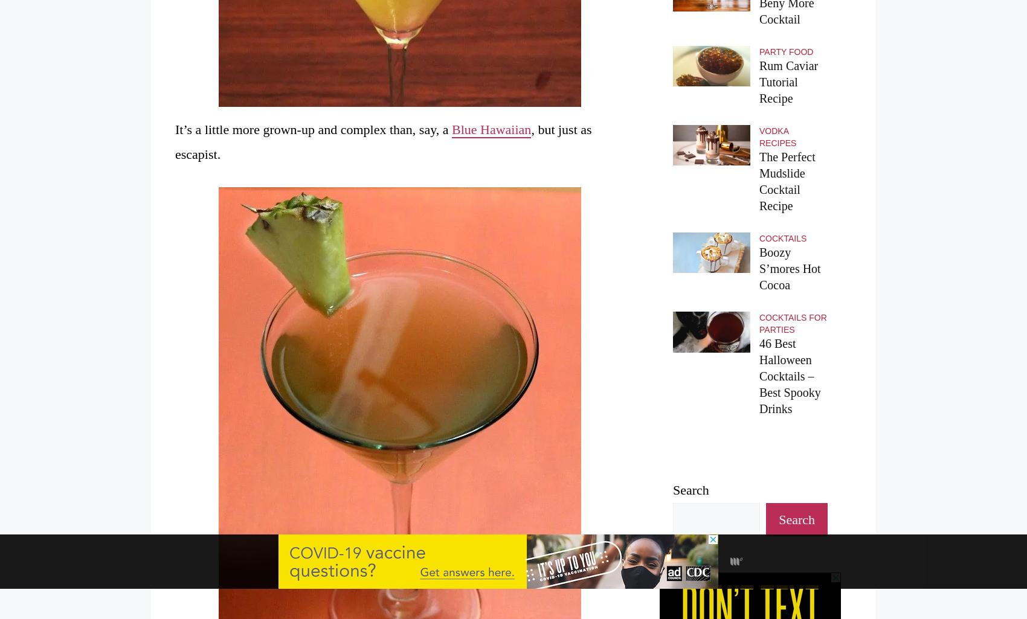 Image resolution: width=1027 pixels, height=619 pixels. Describe the element at coordinates (382, 141) in the screenshot. I see `', but just as escapist.'` at that location.